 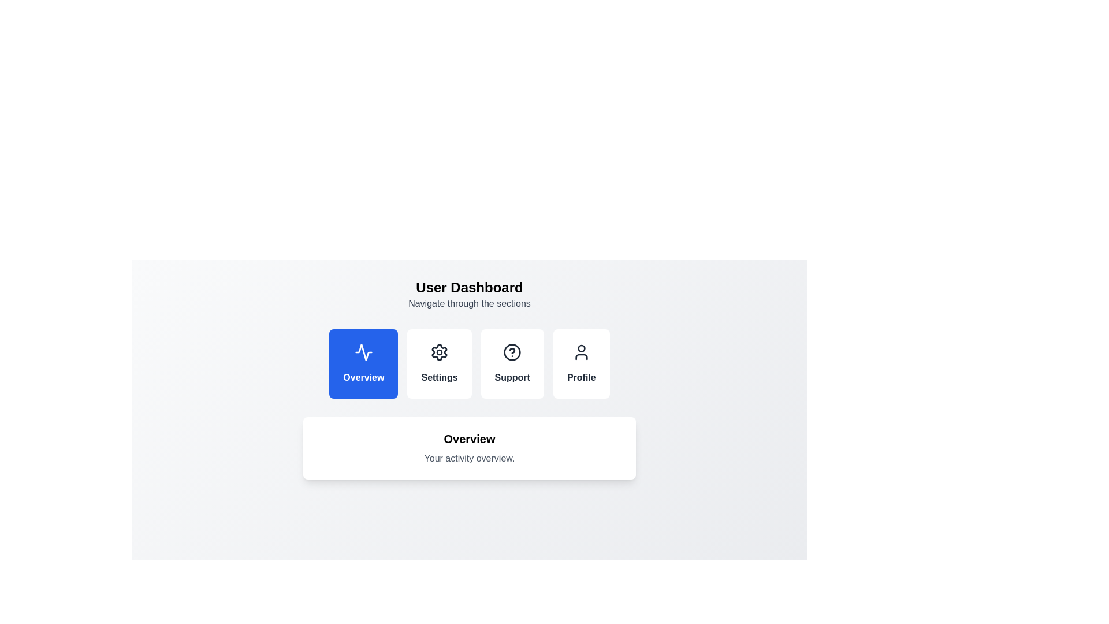 I want to click on text from the header titled 'User Dashboard' which includes the subtitle 'Navigate through the sections', so click(x=469, y=294).